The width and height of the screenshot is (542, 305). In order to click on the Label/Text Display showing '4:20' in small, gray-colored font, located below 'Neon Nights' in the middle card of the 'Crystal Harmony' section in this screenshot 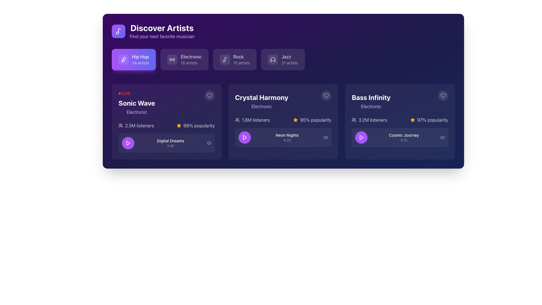, I will do `click(287, 140)`.